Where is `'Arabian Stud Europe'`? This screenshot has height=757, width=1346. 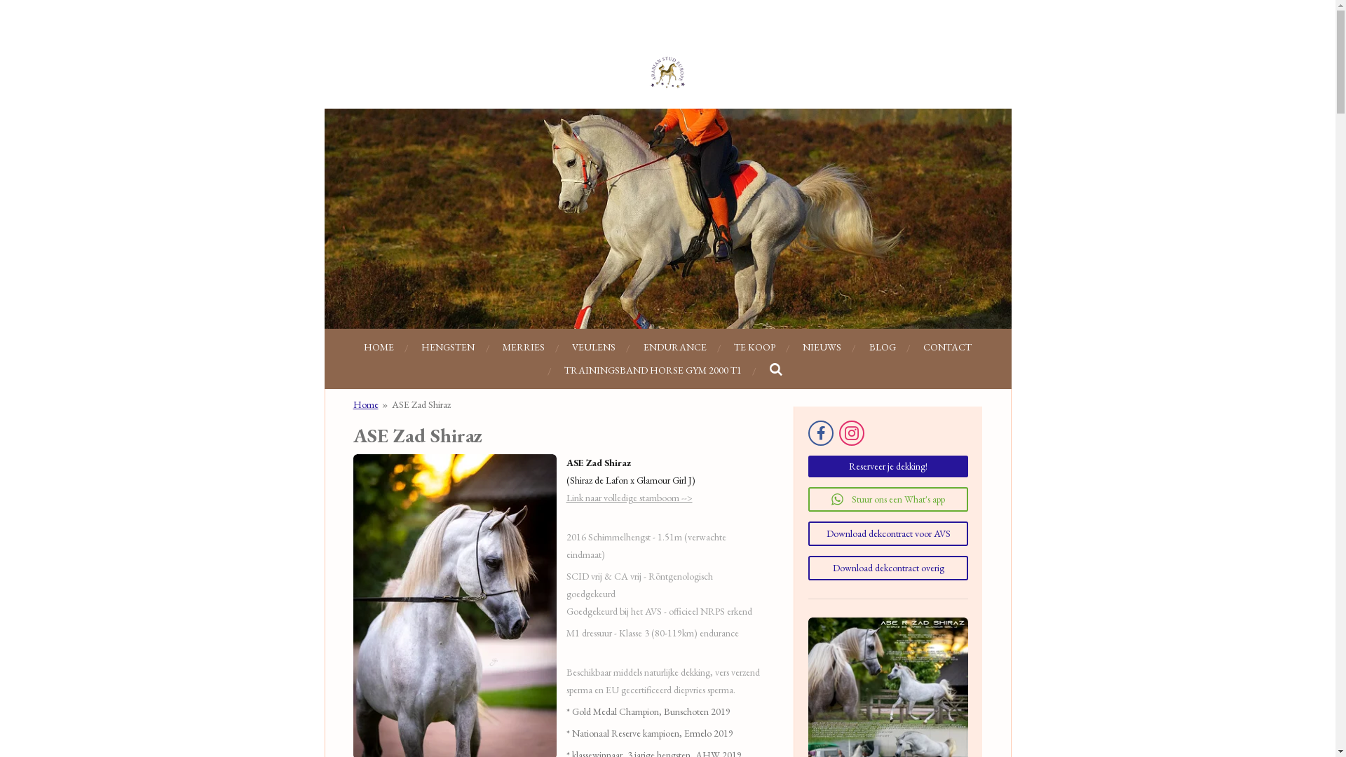
'Arabian Stud Europe' is located at coordinates (667, 71).